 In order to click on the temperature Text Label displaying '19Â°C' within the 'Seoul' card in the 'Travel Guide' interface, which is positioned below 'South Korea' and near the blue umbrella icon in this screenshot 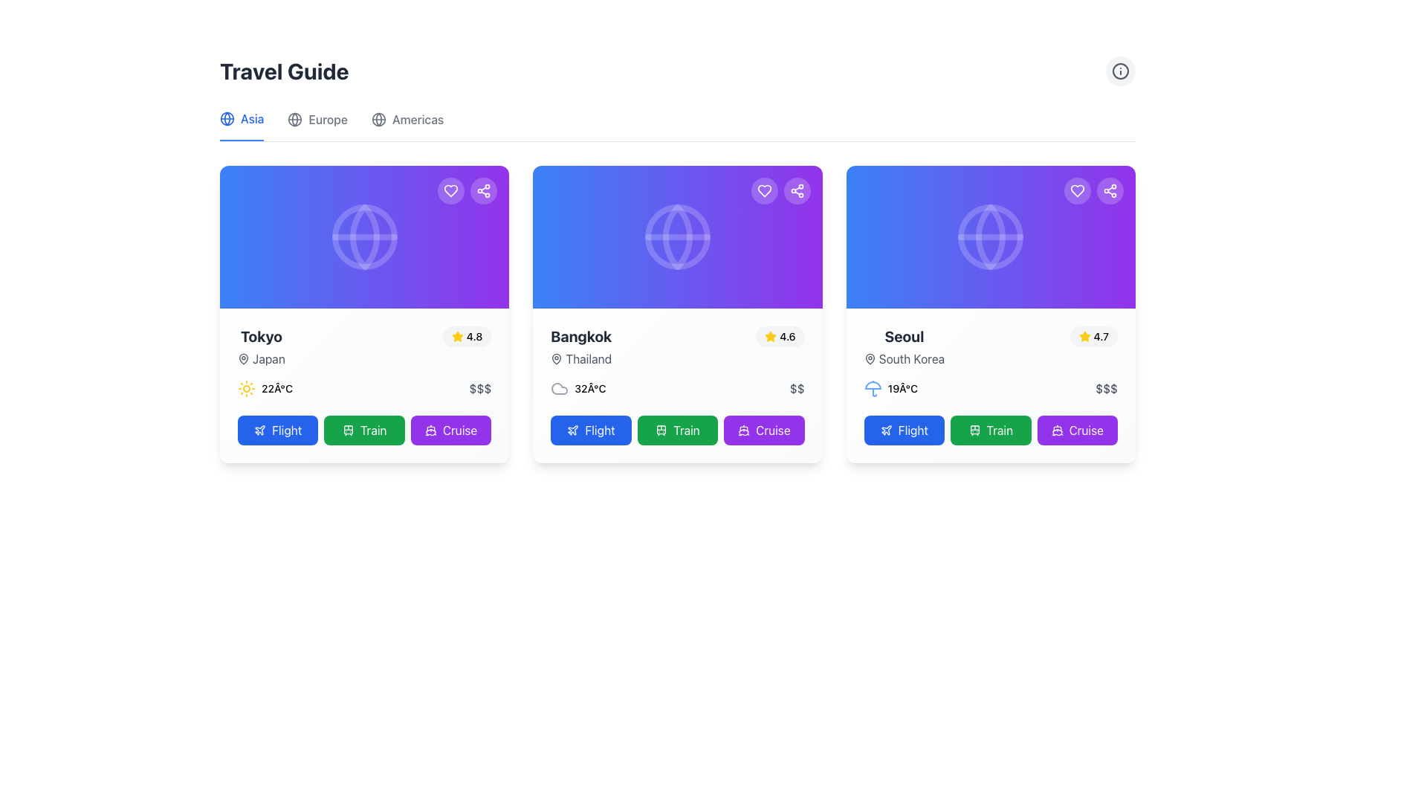, I will do `click(902, 388)`.